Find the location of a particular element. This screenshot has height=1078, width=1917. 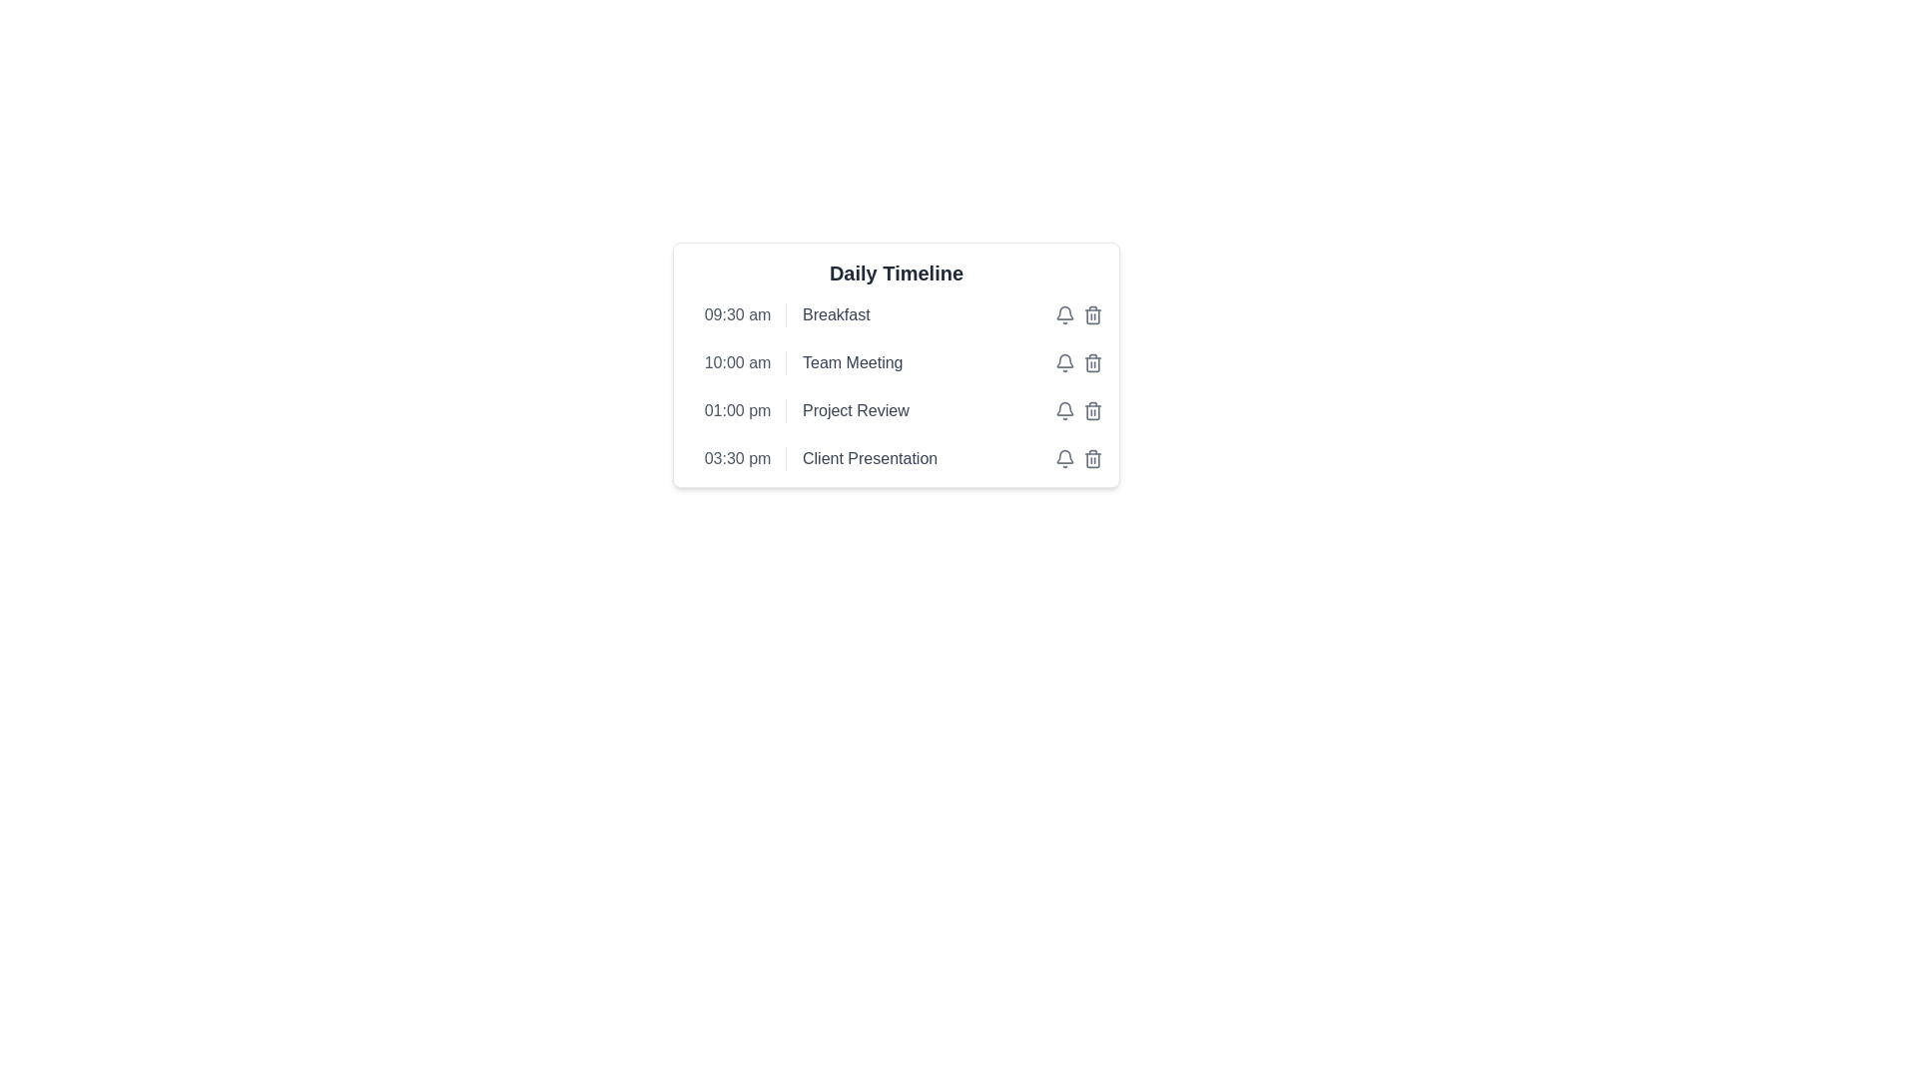

the timestamp text label indicating the scheduled time of the first listed event, aligned with the event labeled 'Breakfast' is located at coordinates (737, 314).